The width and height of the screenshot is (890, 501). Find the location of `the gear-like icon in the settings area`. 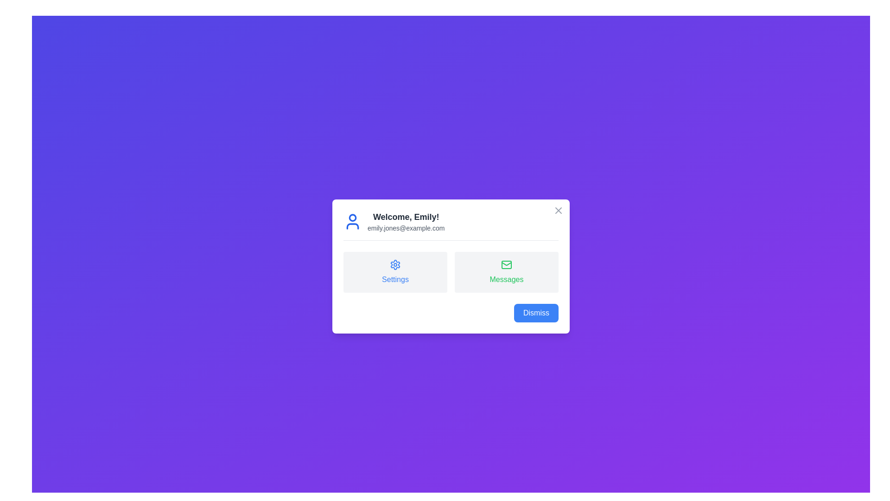

the gear-like icon in the settings area is located at coordinates (395, 264).